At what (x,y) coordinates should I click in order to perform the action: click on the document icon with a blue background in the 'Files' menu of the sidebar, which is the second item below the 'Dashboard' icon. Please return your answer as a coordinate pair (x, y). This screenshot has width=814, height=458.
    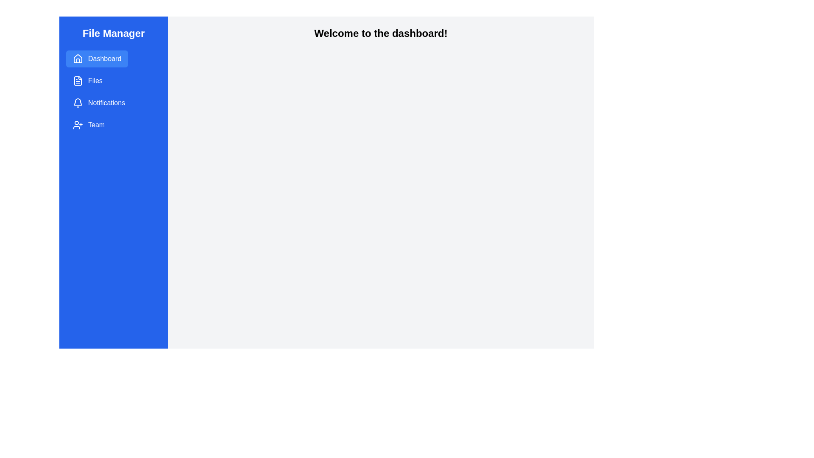
    Looking at the image, I should click on (78, 81).